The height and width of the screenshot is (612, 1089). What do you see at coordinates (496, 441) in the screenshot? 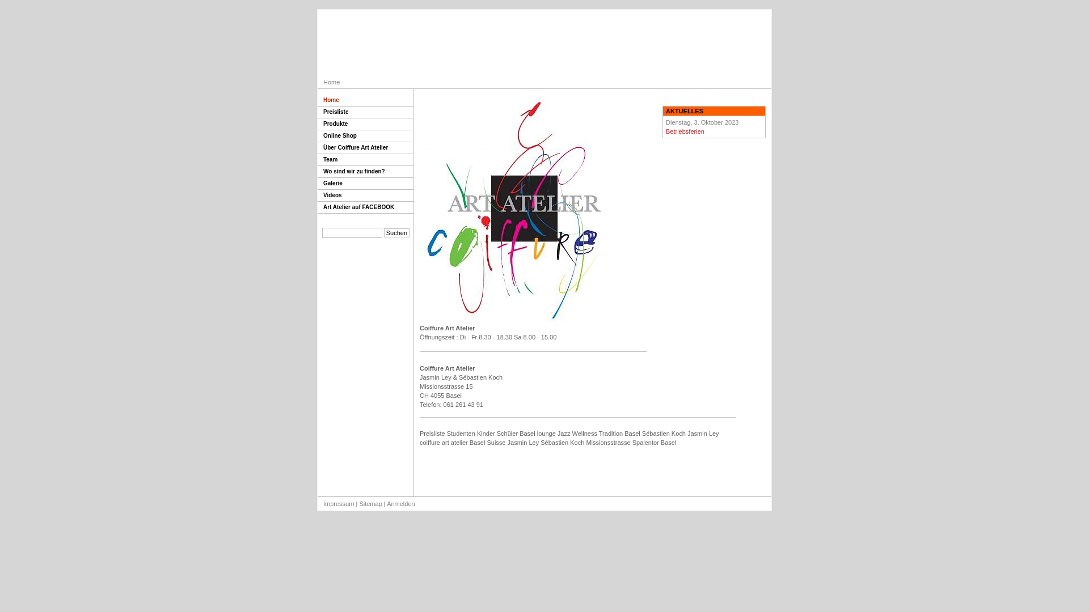
I see `'Suisse'` at bounding box center [496, 441].